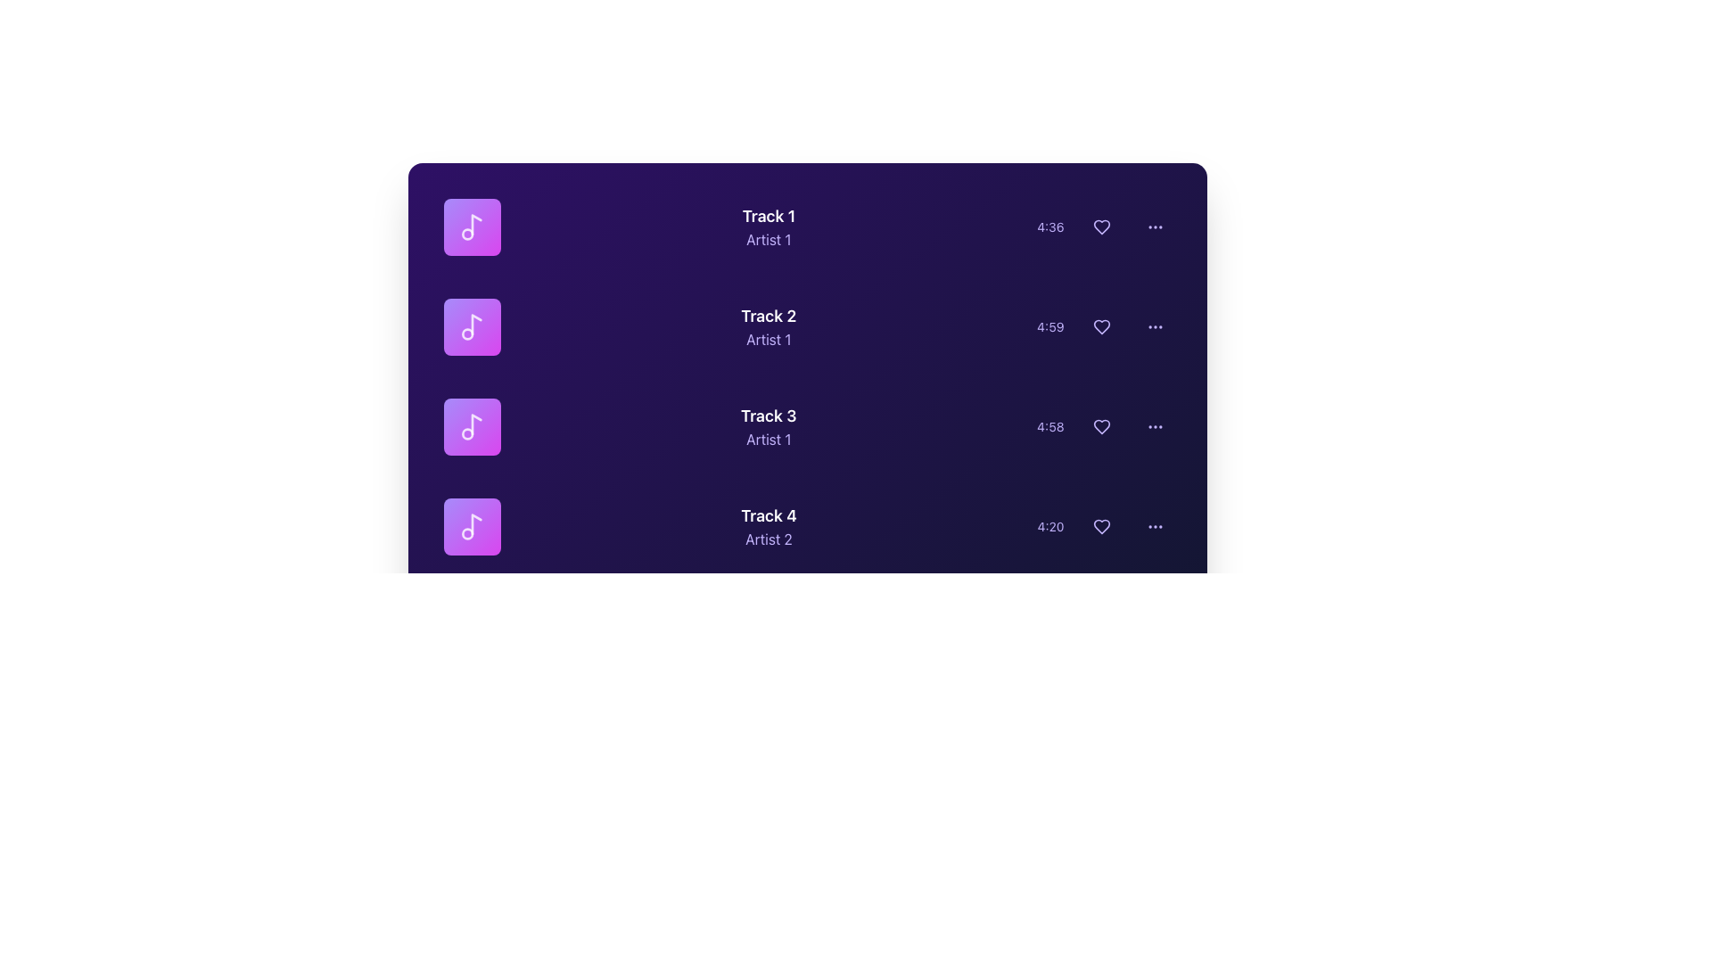 The image size is (1712, 963). What do you see at coordinates (1100, 326) in the screenshot?
I see `the heart icon representing the 'like' functionality for the second music track in the music player interface to check if it highlights` at bounding box center [1100, 326].